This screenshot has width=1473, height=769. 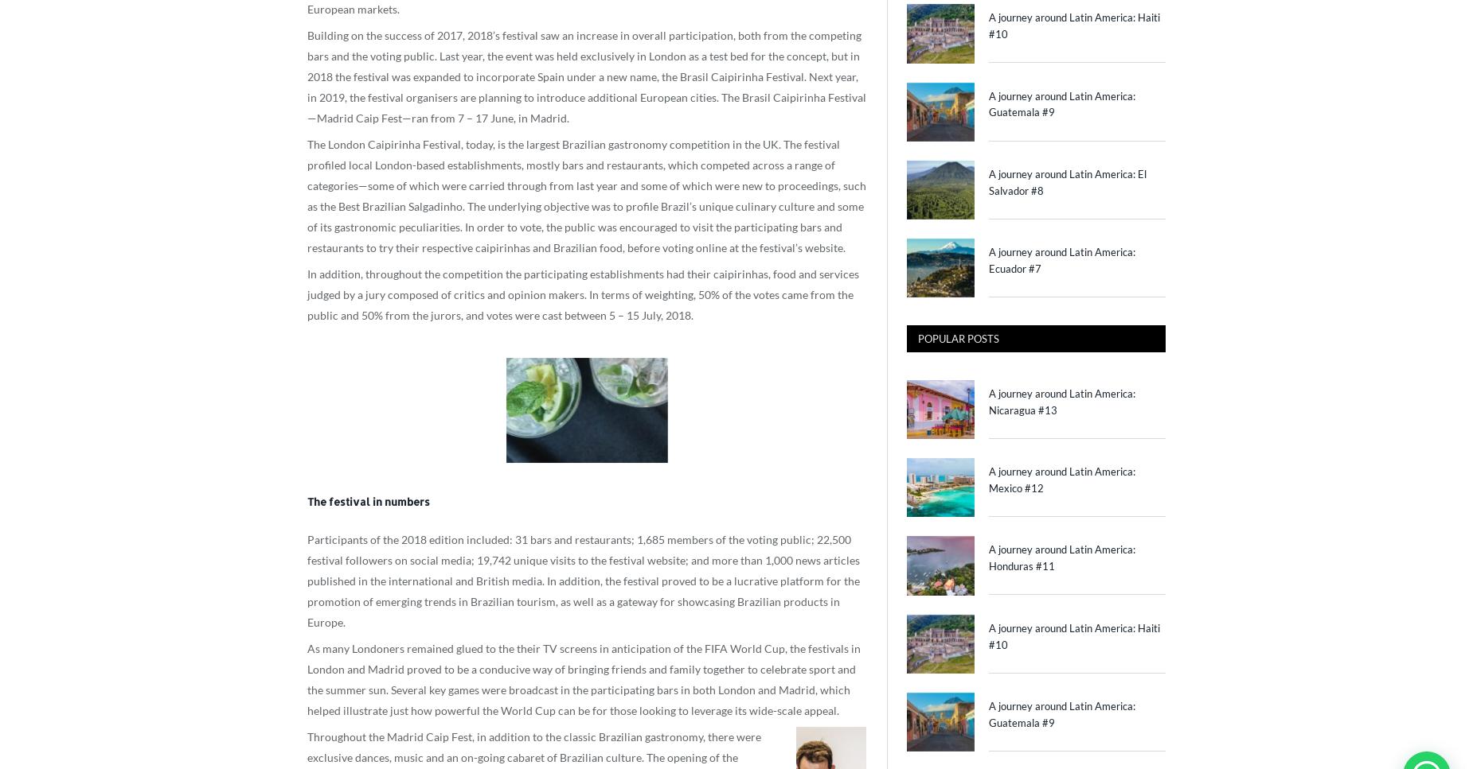 What do you see at coordinates (584, 678) in the screenshot?
I see `'As many Londoners remained glued to the their TV screens in anticipation of the FIFA World Cup, the festivals in London and Madrid proved to be a conducive way of bringing friends and family together to celebrate sport and the summer sun. Several key games were broadcast in the participating bars in both London and Madrid, which helped illustrate just how powerful the World Cup can be for those looking to leverage its wide-scale appeal.'` at bounding box center [584, 678].